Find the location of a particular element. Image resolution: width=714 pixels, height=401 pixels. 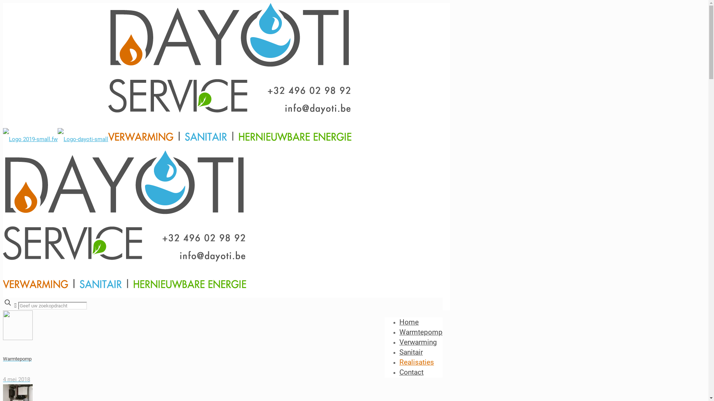

'Sanitair' is located at coordinates (411, 352).